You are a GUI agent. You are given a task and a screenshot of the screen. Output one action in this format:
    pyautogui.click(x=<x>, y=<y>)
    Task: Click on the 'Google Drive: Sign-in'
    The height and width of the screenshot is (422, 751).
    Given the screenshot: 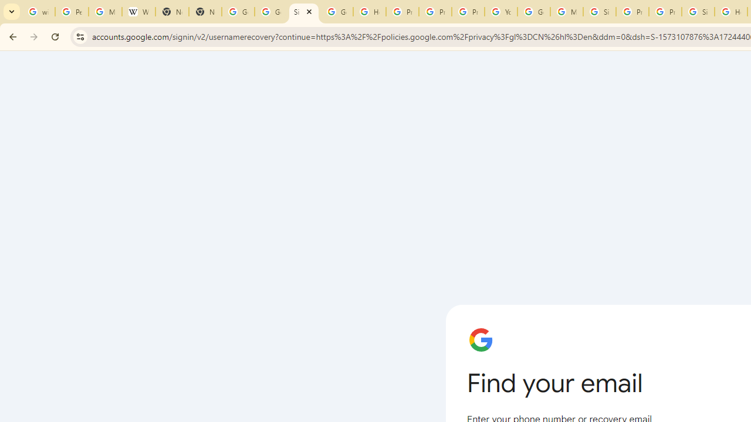 What is the action you would take?
    pyautogui.click(x=270, y=12)
    